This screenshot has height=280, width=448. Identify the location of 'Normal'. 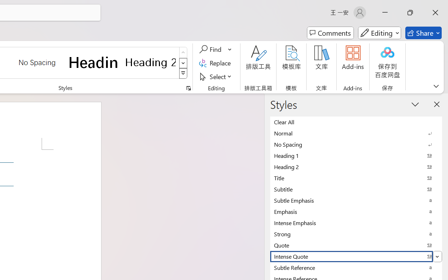
(356, 133).